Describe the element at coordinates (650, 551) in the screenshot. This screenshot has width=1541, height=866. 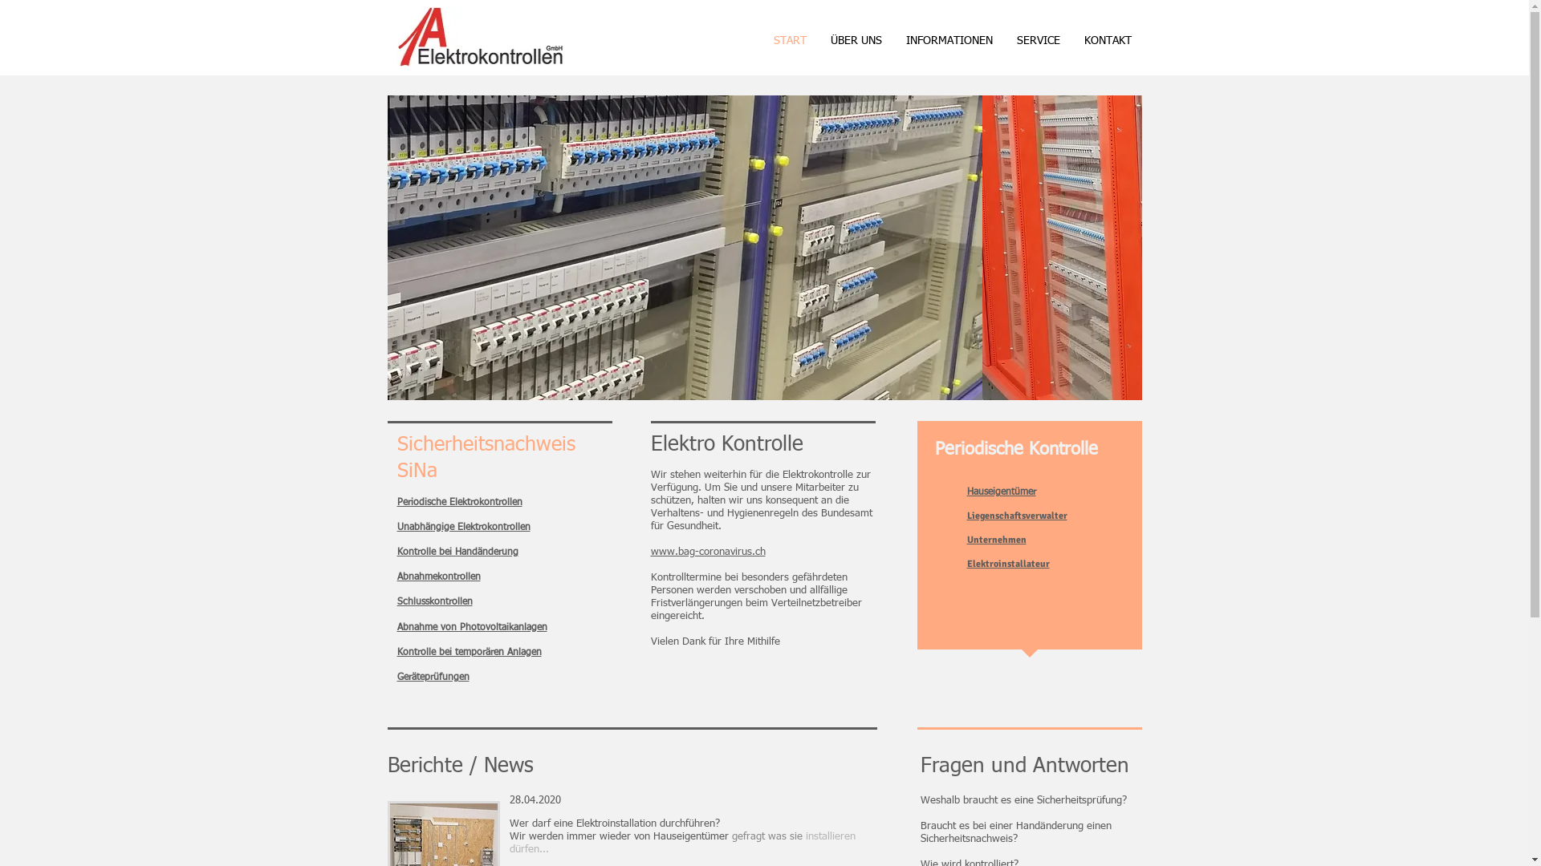
I see `'www.bag-coronavirus.ch'` at that location.